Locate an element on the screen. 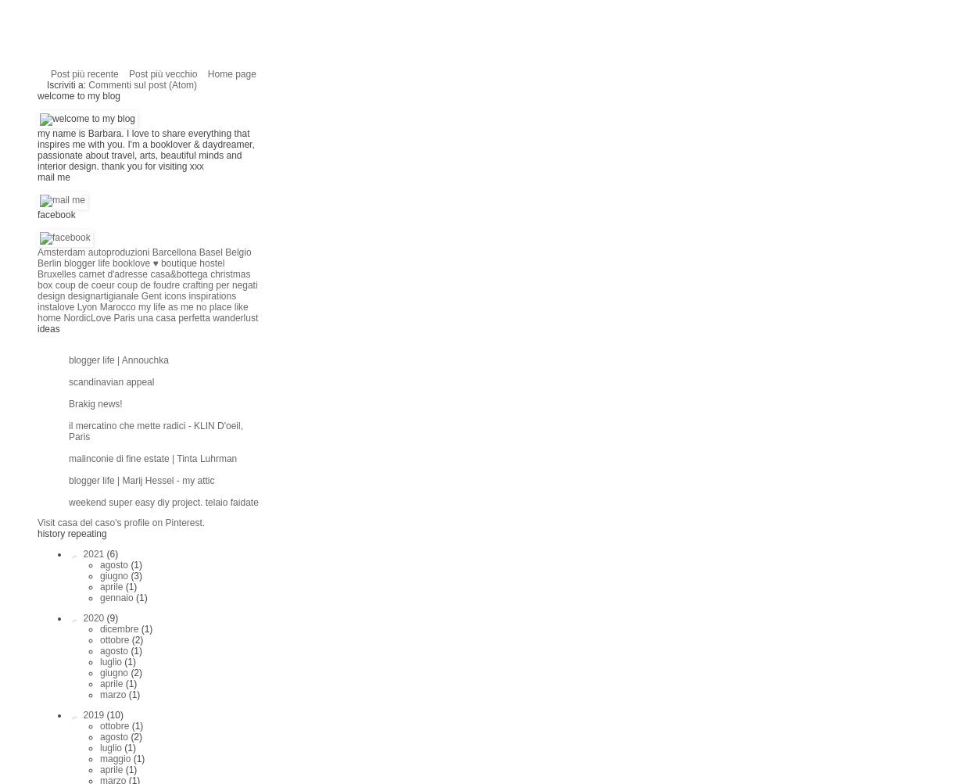 This screenshot has height=784, width=960. 'instalove' is located at coordinates (56, 305).